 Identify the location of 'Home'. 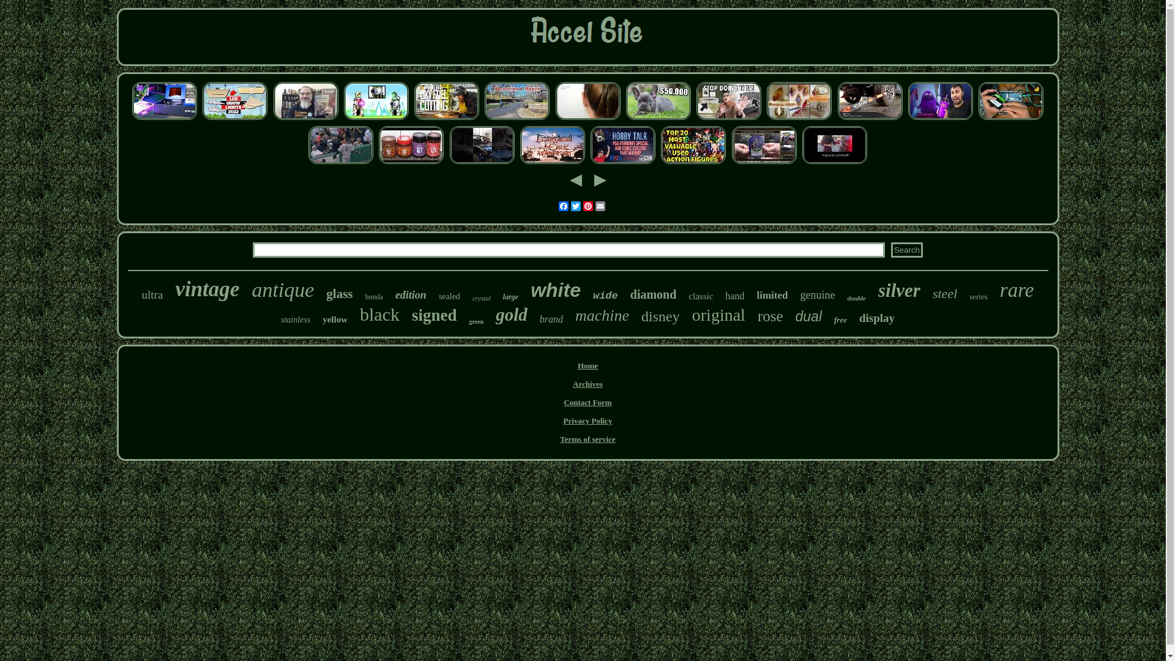
(587, 365).